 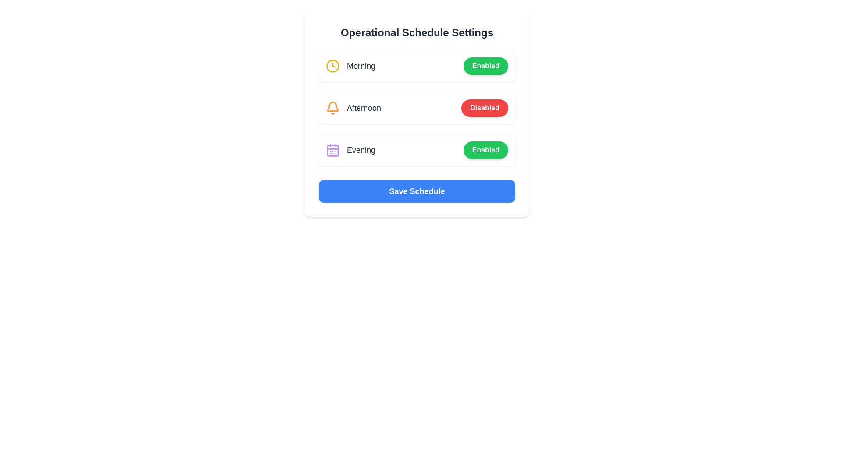 I want to click on 'Enabled' button for the morning schedule, so click(x=485, y=65).